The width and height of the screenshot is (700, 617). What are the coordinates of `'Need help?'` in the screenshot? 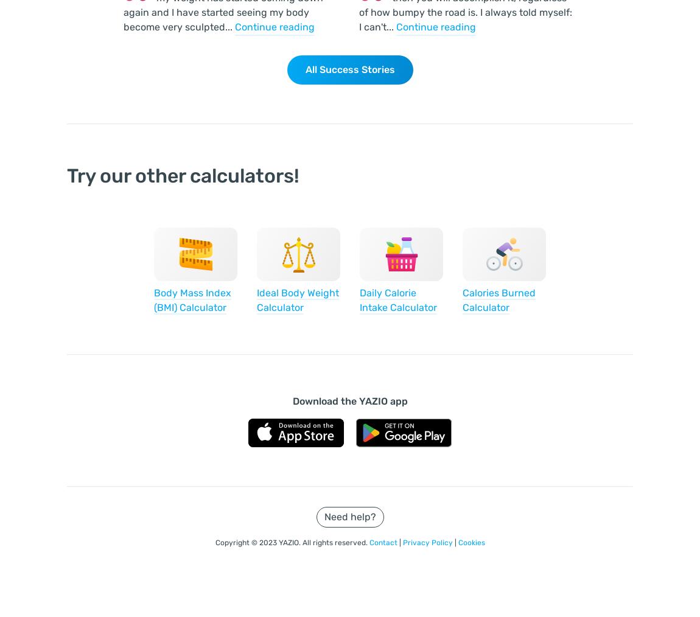 It's located at (349, 516).